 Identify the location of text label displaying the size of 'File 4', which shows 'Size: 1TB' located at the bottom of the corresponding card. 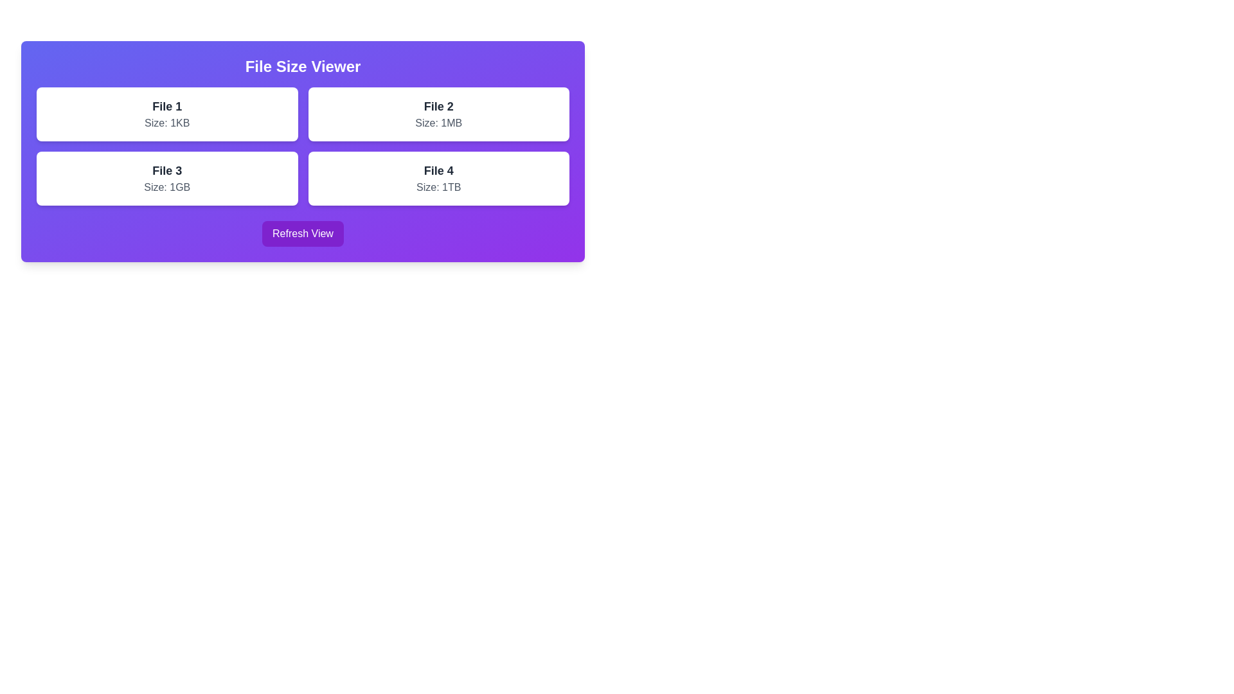
(438, 188).